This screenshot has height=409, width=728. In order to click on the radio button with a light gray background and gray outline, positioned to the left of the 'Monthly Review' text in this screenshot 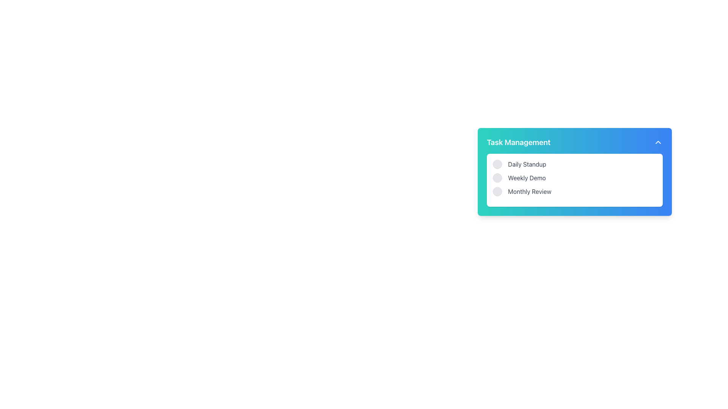, I will do `click(497, 191)`.